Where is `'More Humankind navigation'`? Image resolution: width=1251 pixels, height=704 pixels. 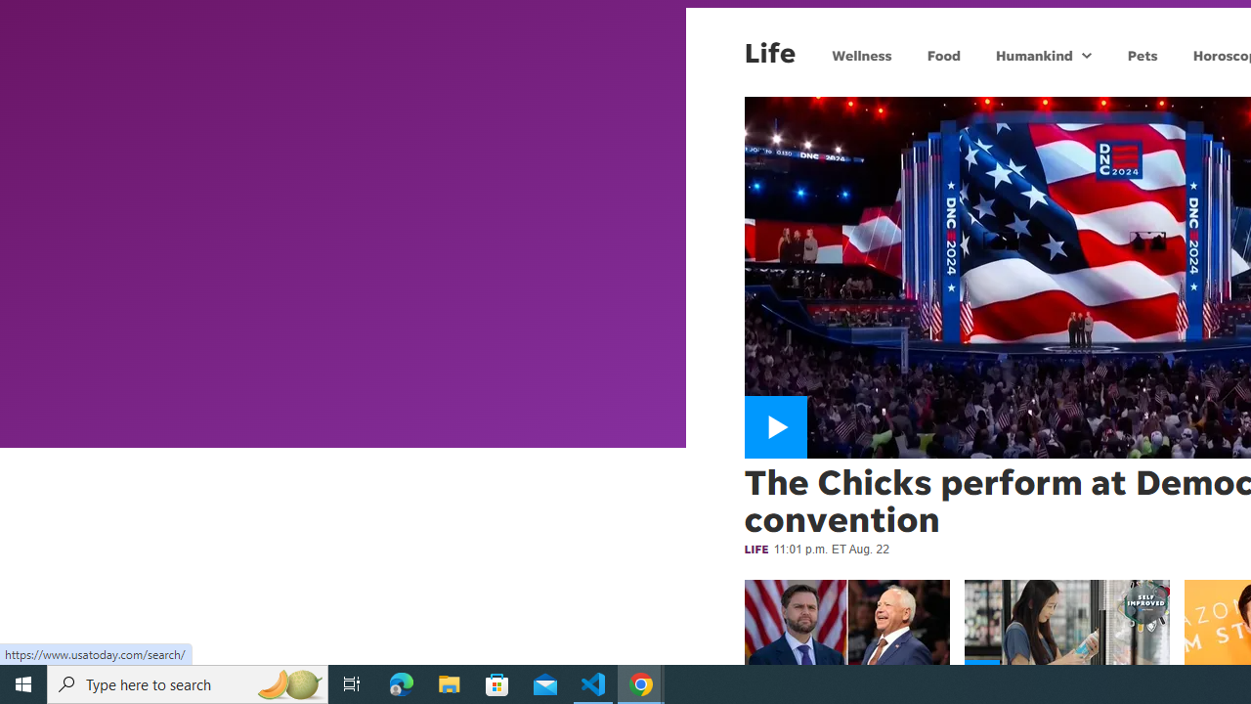
'More Humankind navigation' is located at coordinates (1085, 54).